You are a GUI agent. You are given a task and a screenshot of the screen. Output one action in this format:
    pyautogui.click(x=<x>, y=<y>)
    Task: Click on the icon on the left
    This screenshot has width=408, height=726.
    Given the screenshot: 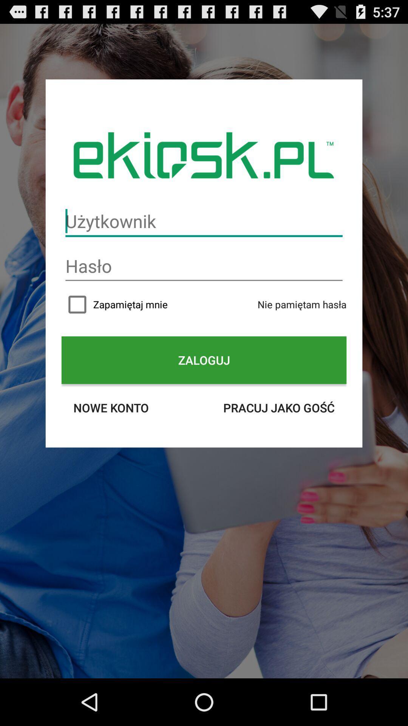 What is the action you would take?
    pyautogui.click(x=111, y=407)
    